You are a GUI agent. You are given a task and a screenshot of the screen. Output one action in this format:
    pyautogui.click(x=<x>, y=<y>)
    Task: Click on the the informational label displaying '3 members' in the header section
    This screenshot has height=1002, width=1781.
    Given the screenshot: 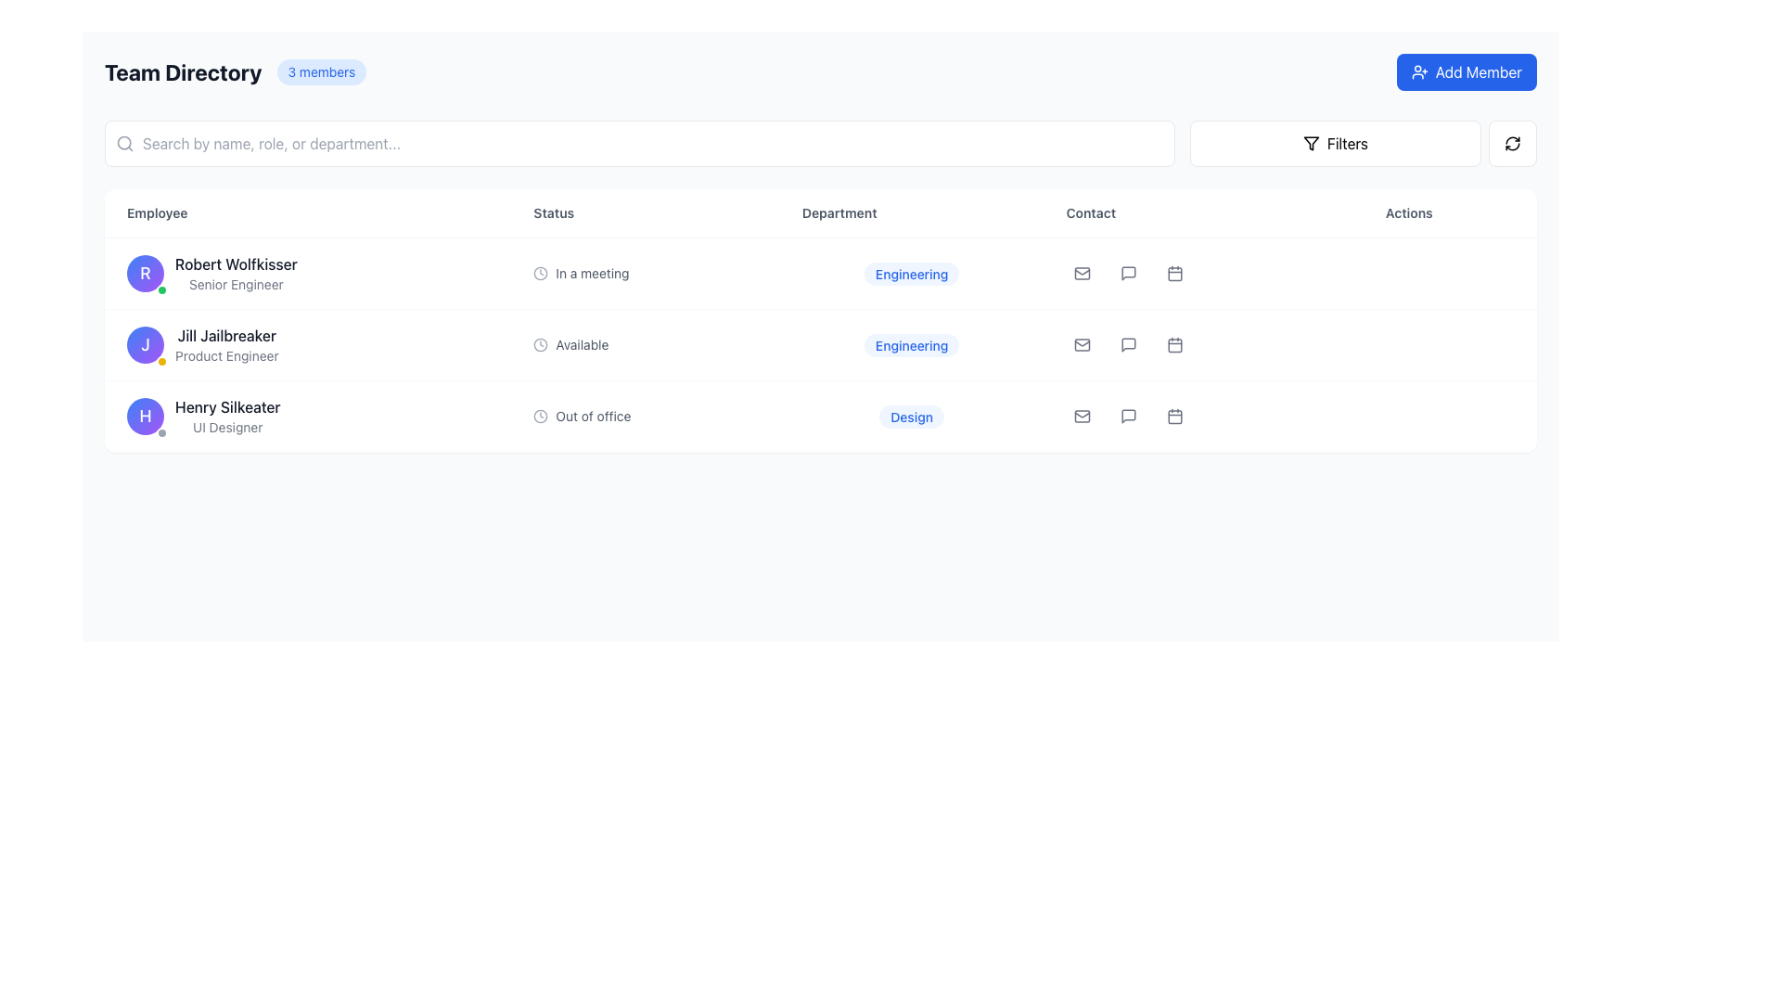 What is the action you would take?
    pyautogui.click(x=321, y=71)
    